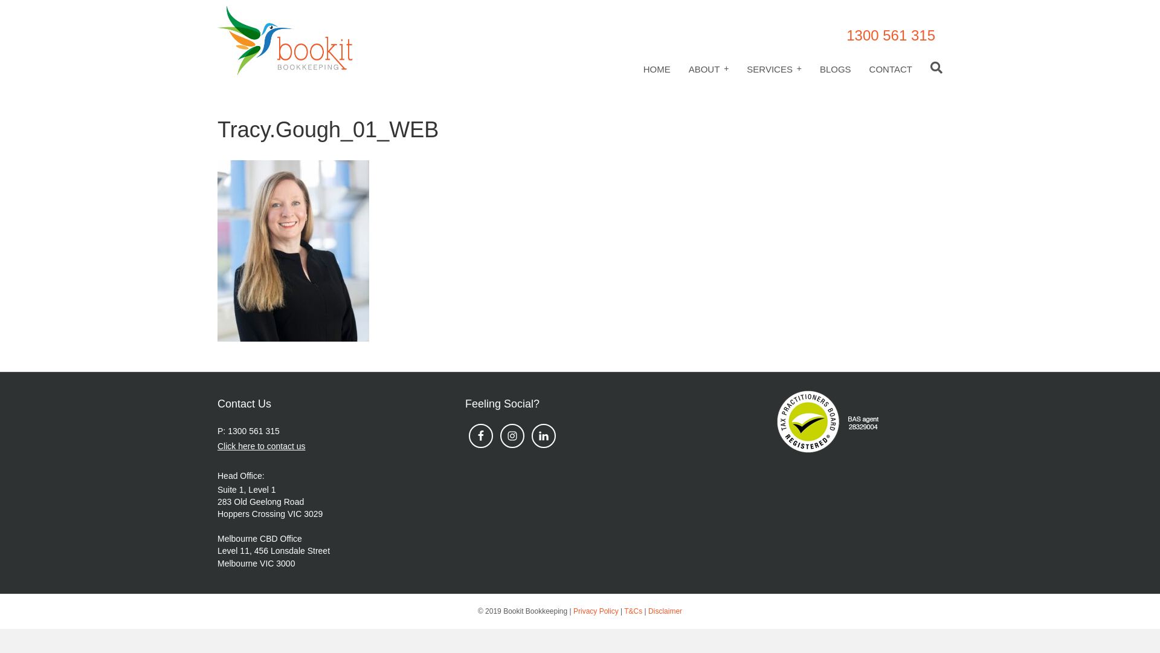 Image resolution: width=1160 pixels, height=653 pixels. I want to click on 'BLOGS', so click(834, 69).